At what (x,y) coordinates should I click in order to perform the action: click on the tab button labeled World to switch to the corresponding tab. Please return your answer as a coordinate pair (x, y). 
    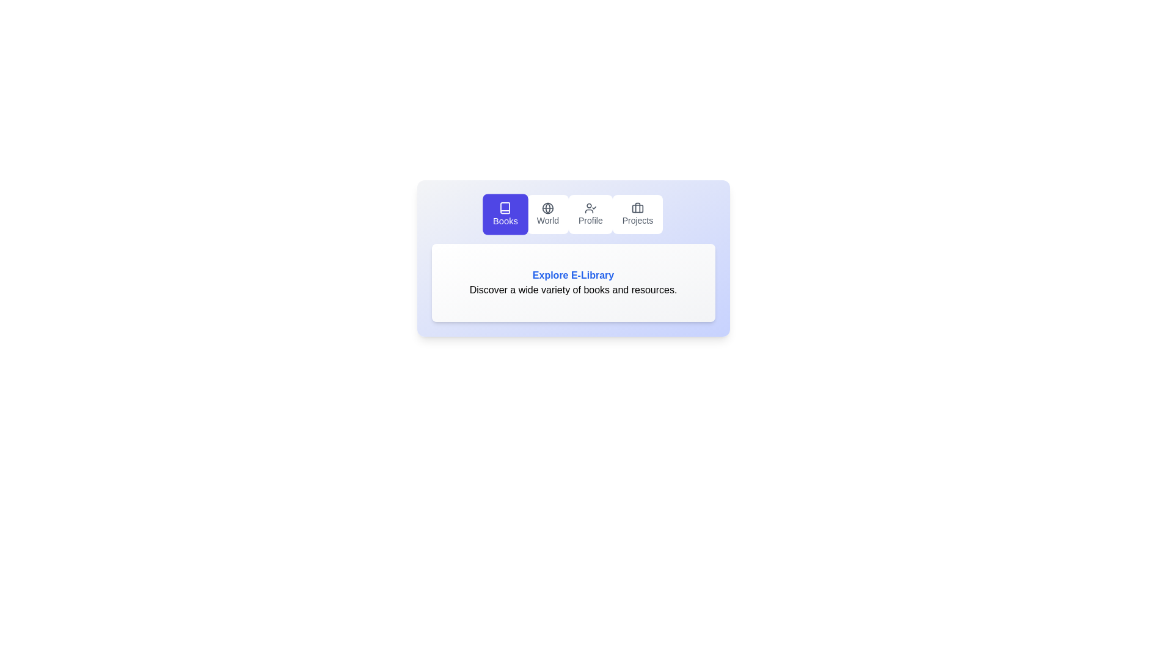
    Looking at the image, I should click on (547, 214).